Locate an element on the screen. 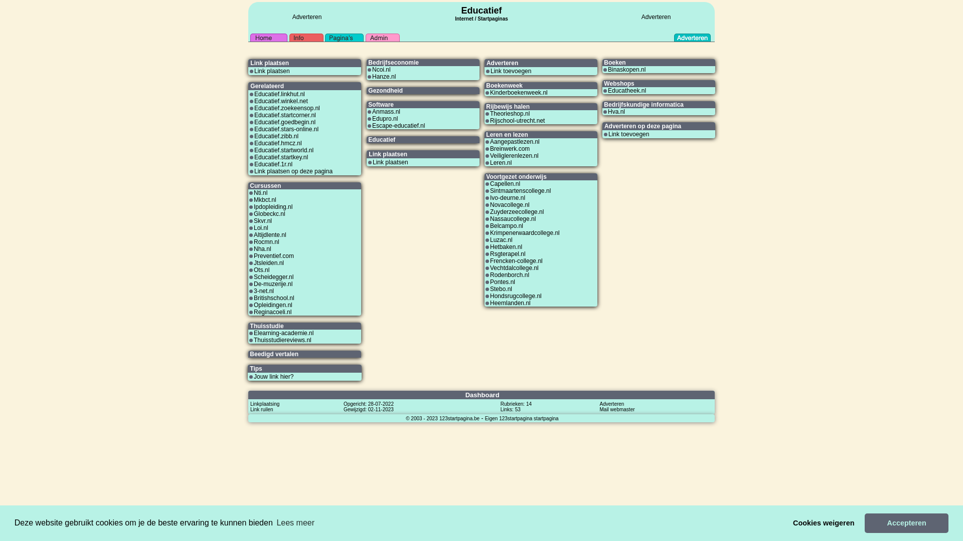 Image resolution: width=963 pixels, height=541 pixels. 'Educatief.zoekeensop.nl' is located at coordinates (286, 108).